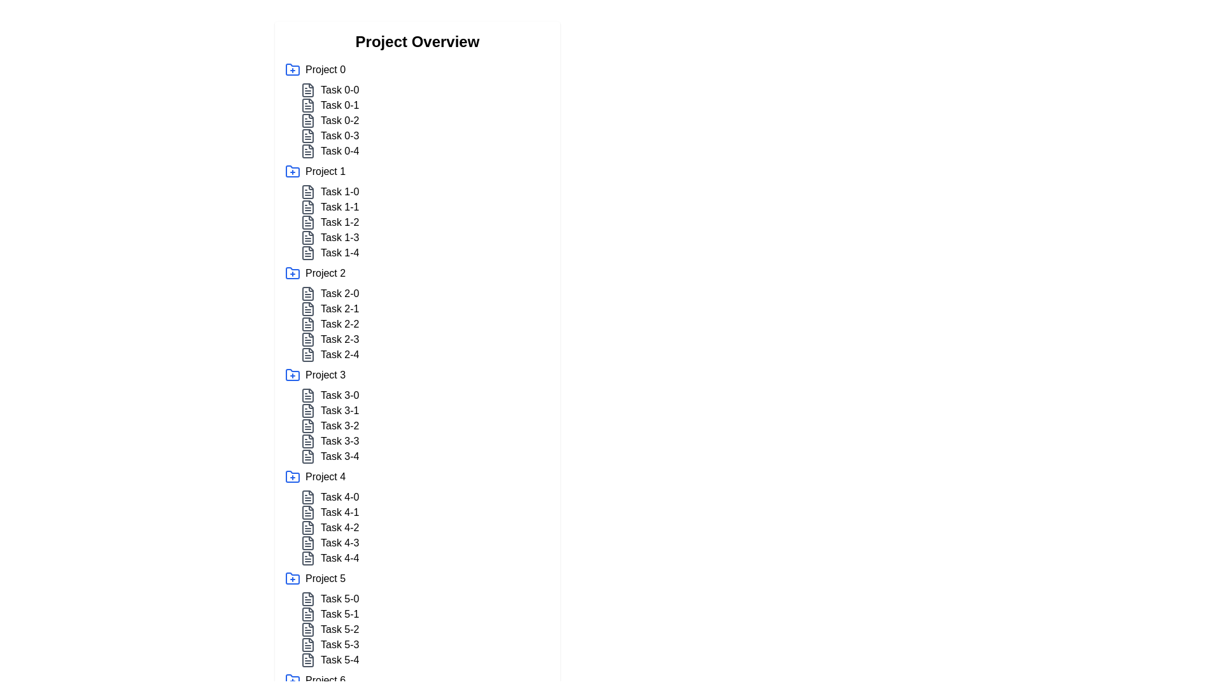  Describe the element at coordinates (425, 455) in the screenshot. I see `the list item labeled 'Task 3-4'` at that location.